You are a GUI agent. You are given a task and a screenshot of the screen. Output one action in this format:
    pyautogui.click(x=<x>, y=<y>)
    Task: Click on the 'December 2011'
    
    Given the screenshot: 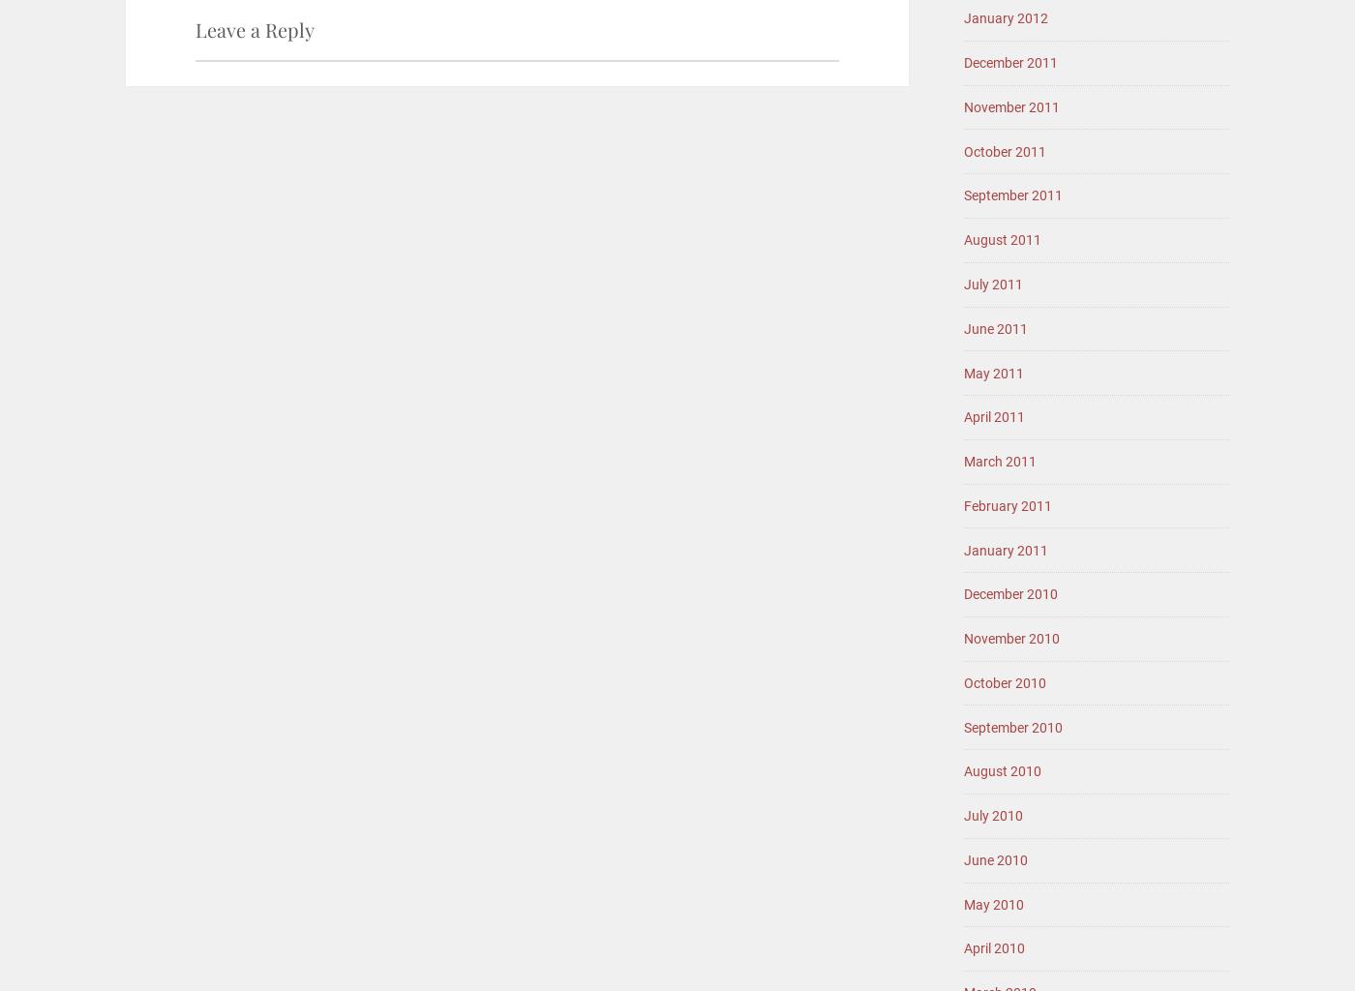 What is the action you would take?
    pyautogui.click(x=963, y=62)
    